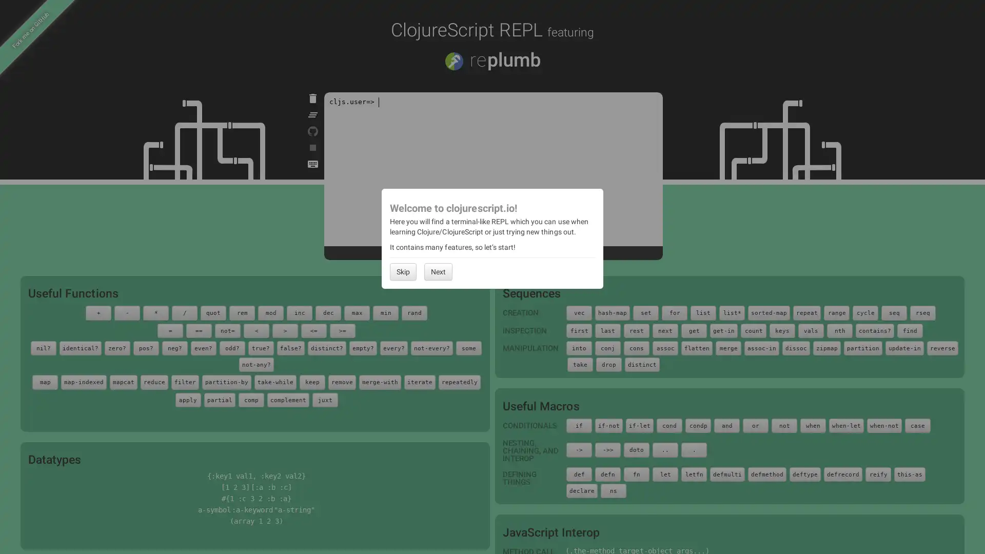 The height and width of the screenshot is (554, 985). I want to click on not-every?, so click(431, 347).